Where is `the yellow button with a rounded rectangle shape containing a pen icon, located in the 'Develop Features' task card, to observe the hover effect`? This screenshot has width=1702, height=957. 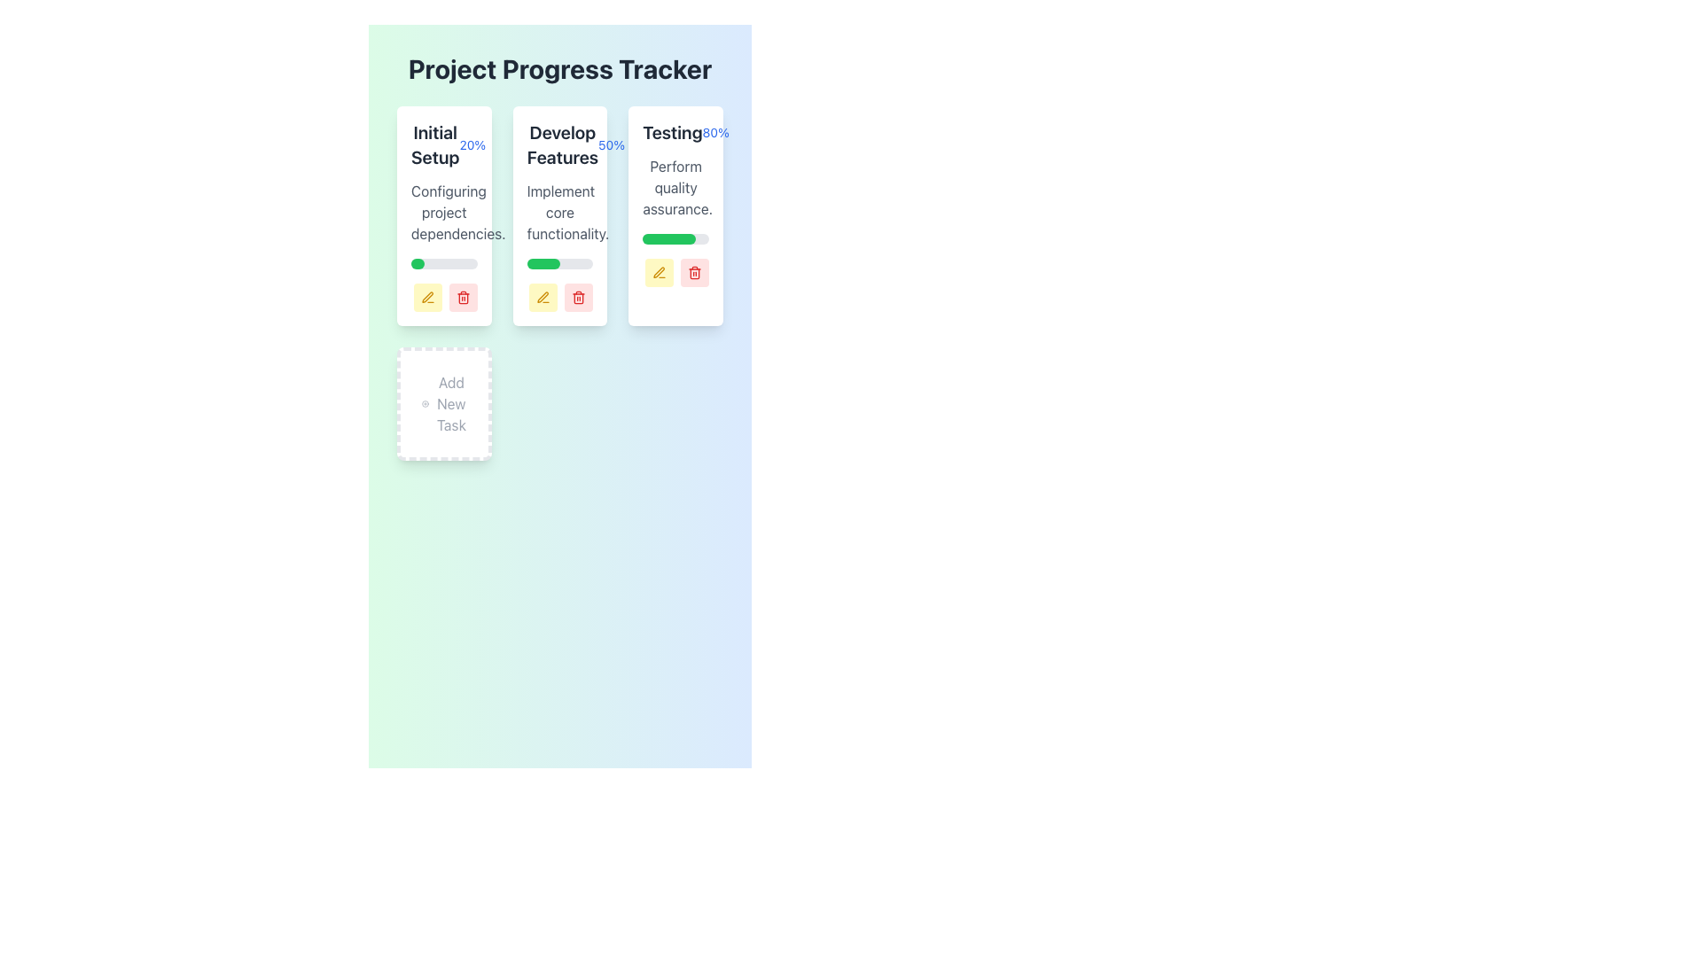
the yellow button with a rounded rectangle shape containing a pen icon, located in the 'Develop Features' task card, to observe the hover effect is located at coordinates (543, 296).